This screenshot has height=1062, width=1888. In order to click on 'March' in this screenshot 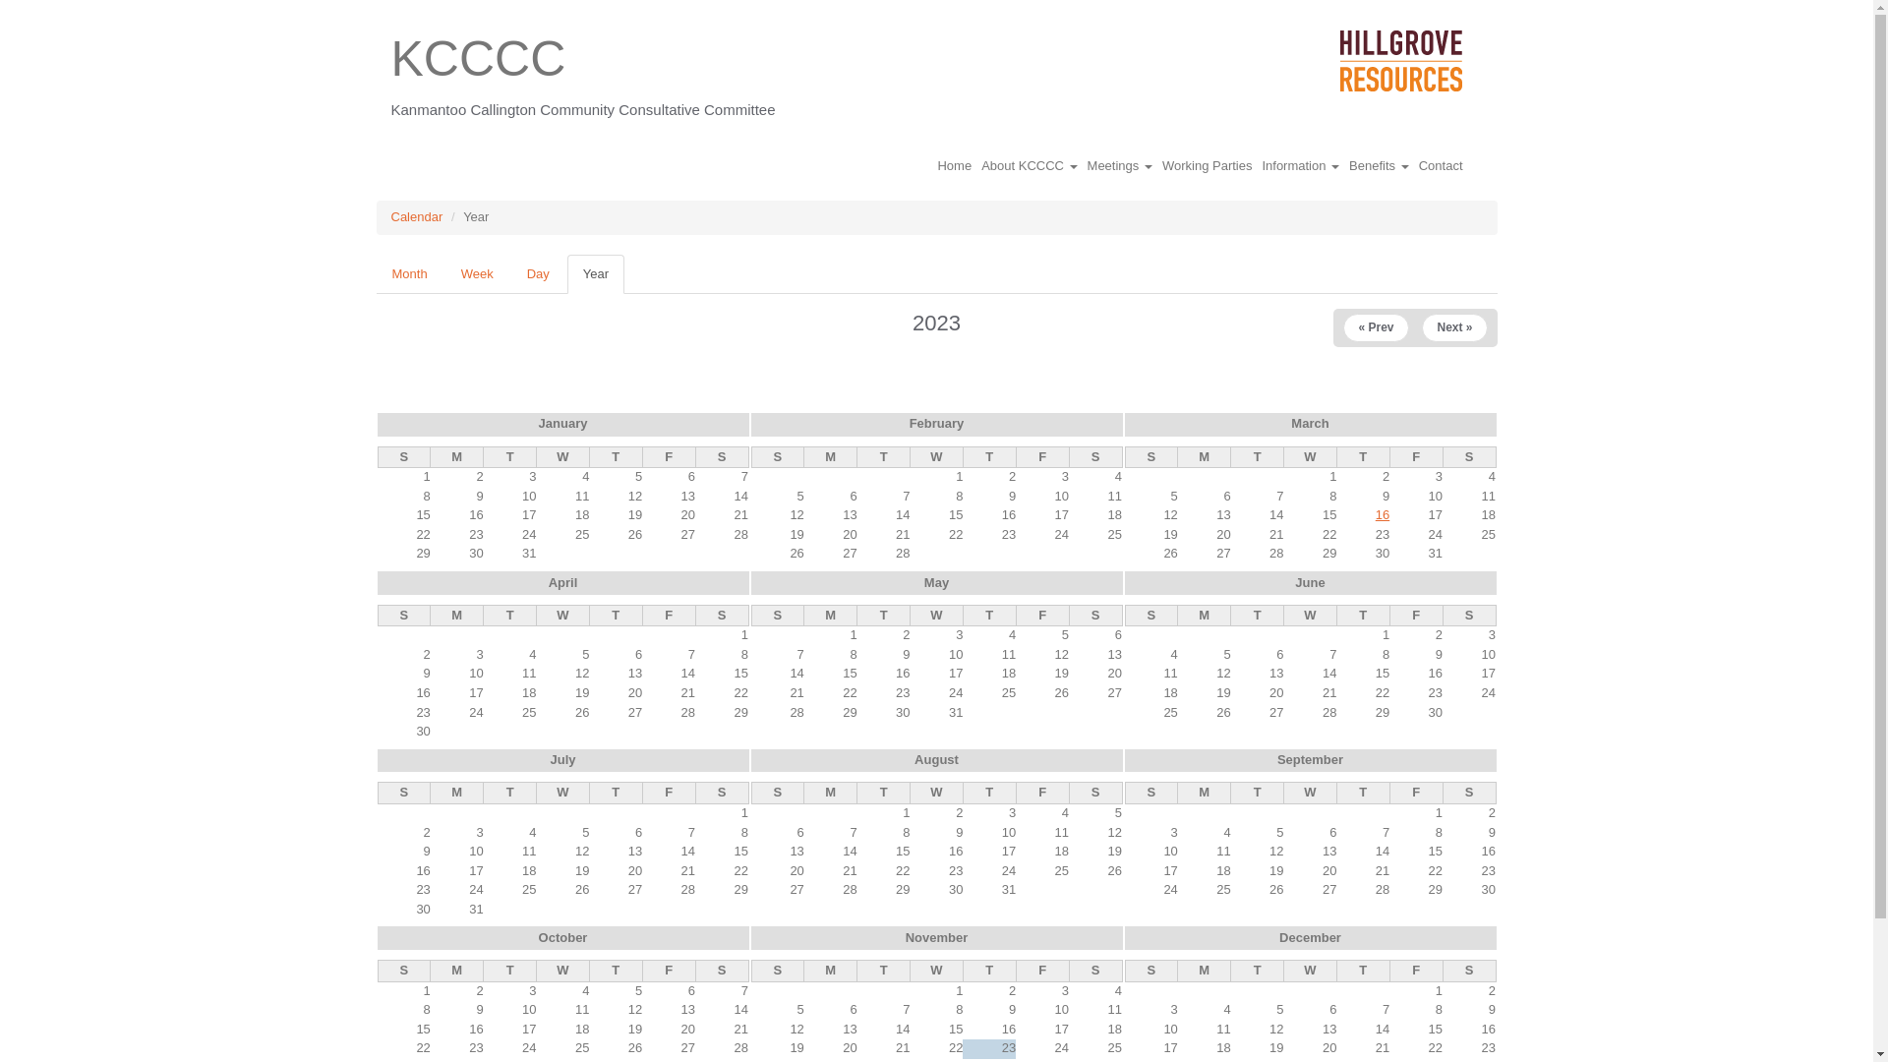, I will do `click(1309, 422)`.